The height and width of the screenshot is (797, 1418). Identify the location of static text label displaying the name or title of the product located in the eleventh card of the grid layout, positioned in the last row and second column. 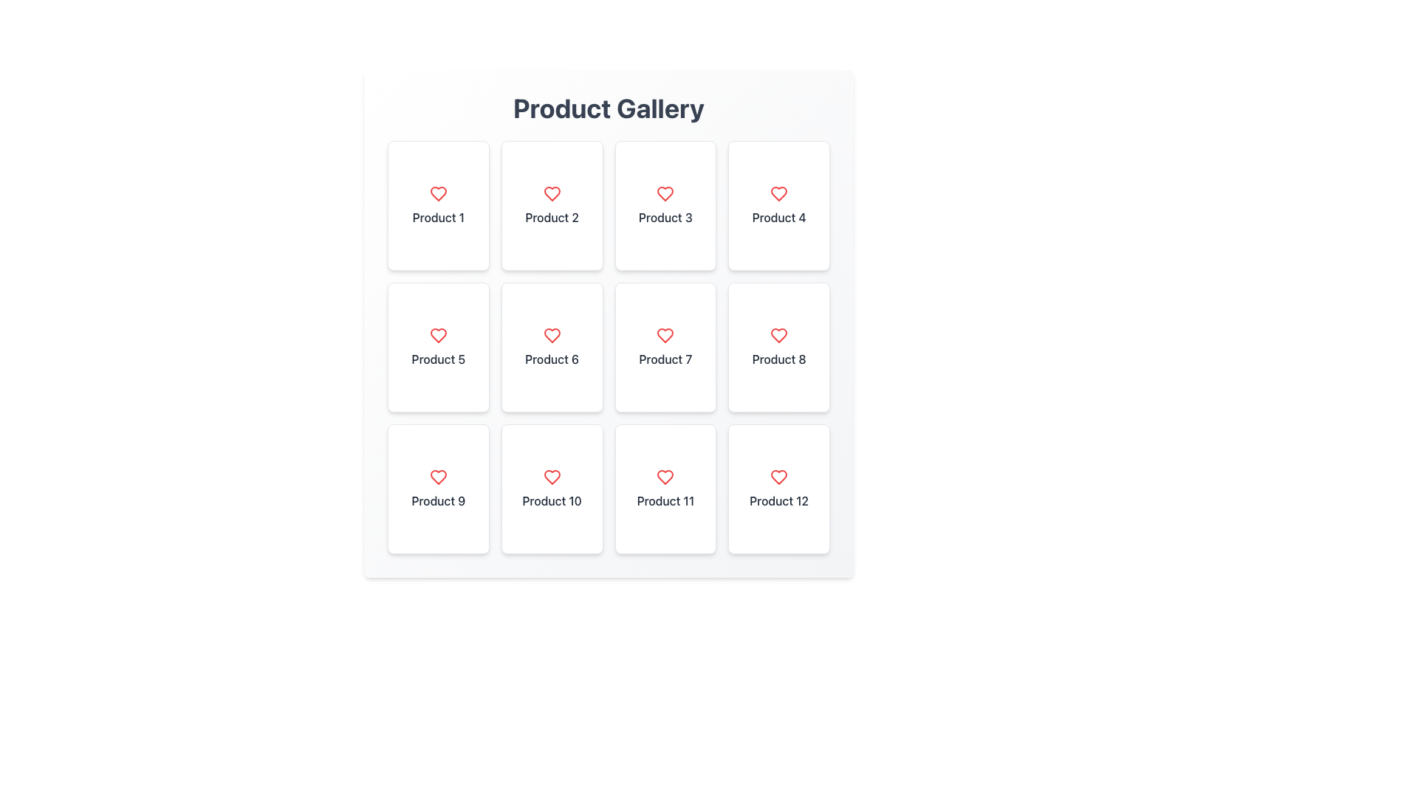
(665, 500).